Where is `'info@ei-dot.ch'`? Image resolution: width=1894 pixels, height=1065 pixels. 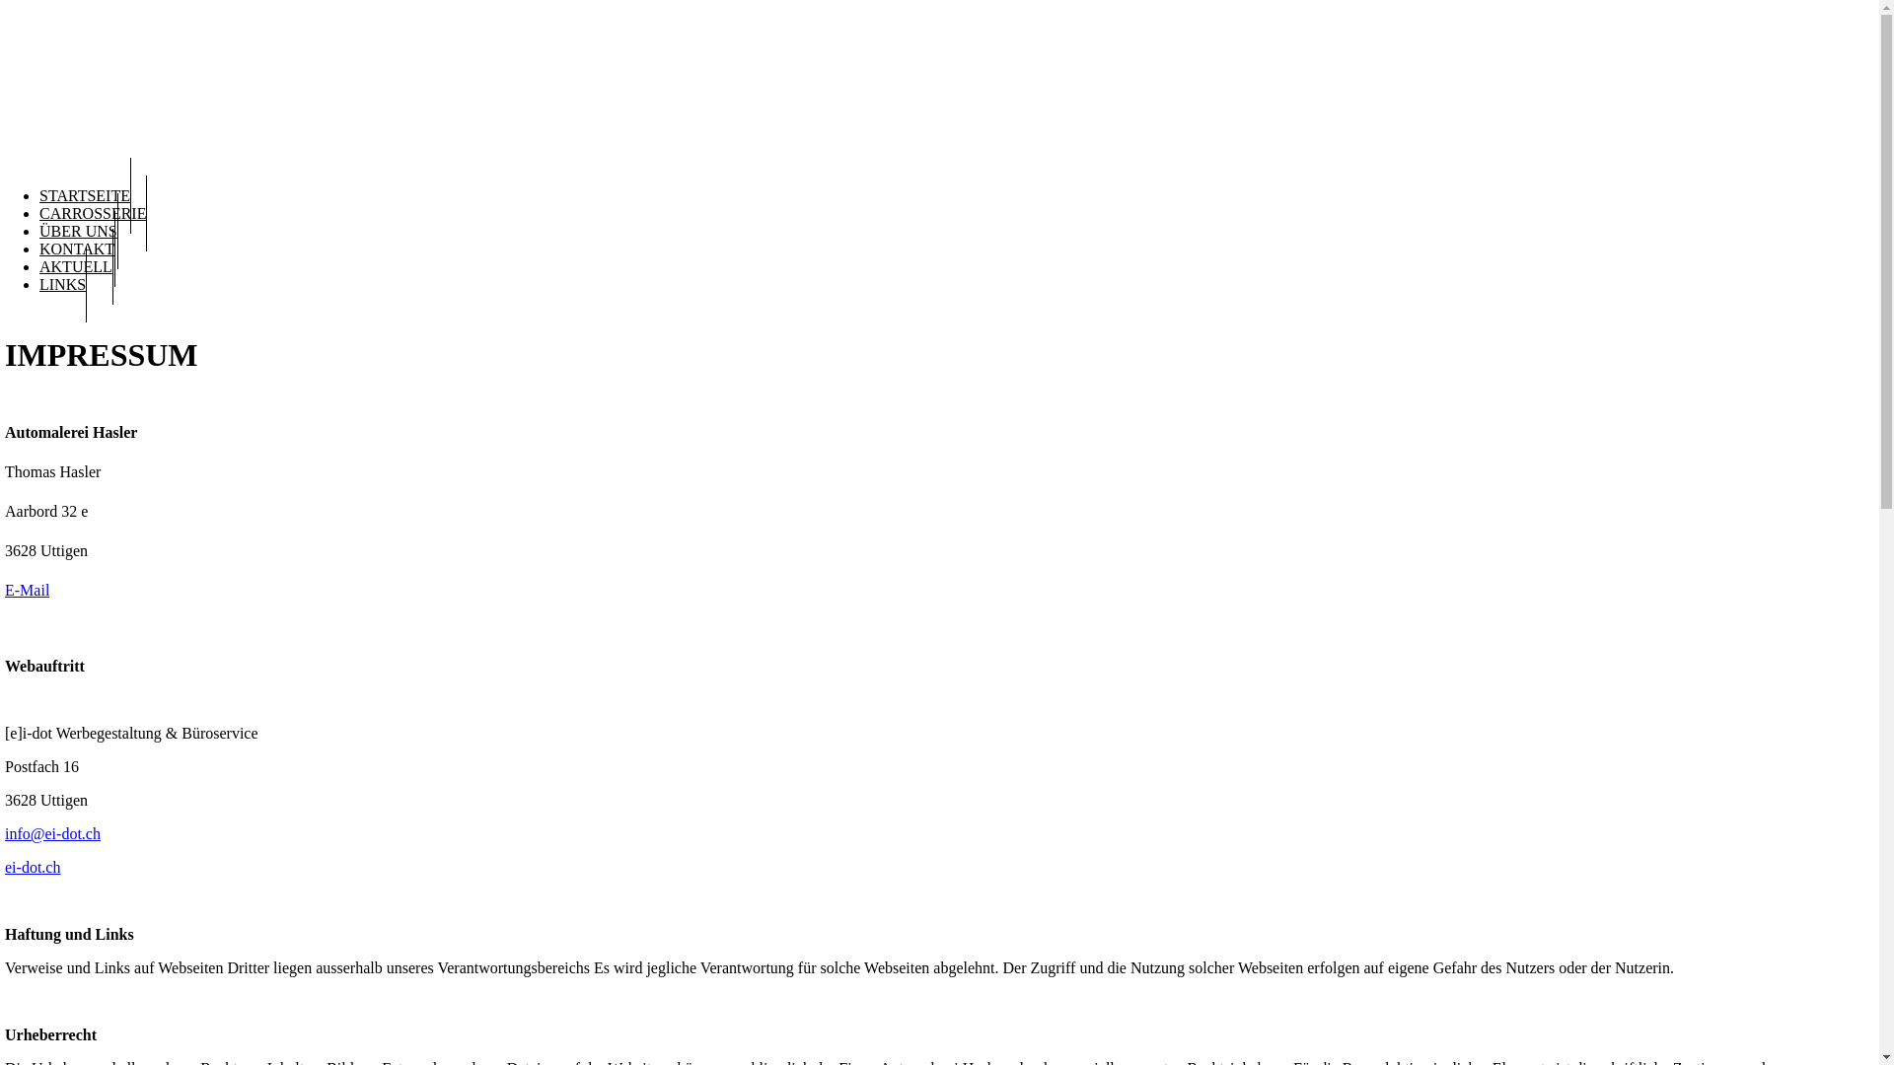
'info@ei-dot.ch' is located at coordinates (52, 833).